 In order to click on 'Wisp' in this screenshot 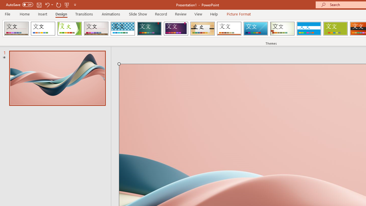, I will do `click(282, 29)`.